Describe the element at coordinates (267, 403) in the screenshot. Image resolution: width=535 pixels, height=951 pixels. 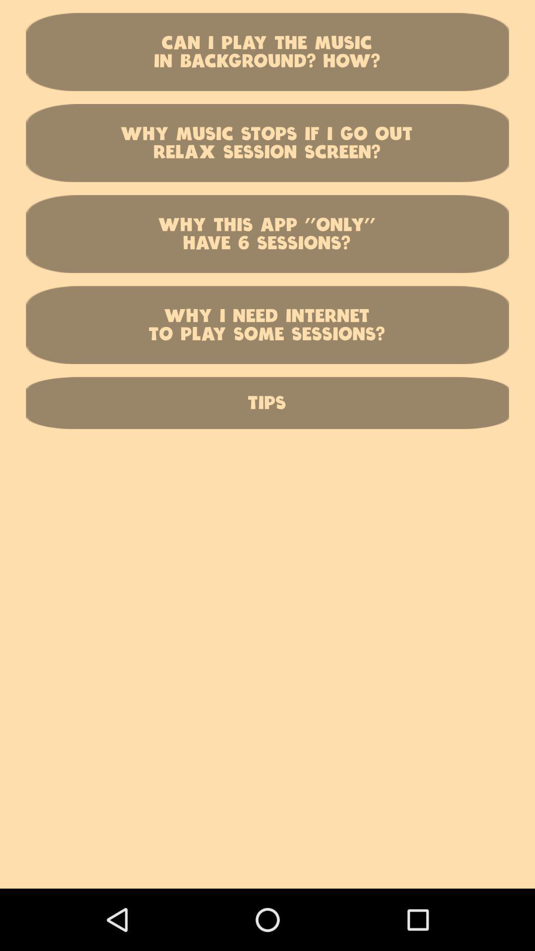
I see `the item below the why i need icon` at that location.